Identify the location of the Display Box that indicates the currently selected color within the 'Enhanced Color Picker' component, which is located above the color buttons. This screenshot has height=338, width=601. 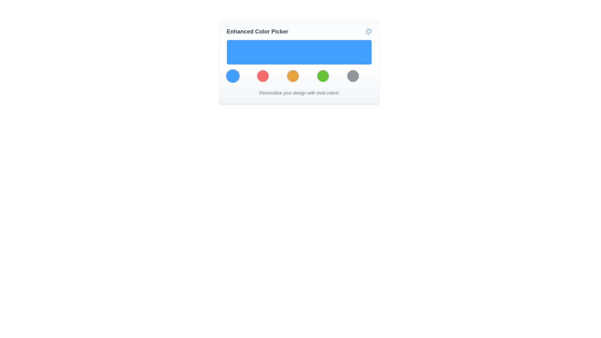
(299, 61).